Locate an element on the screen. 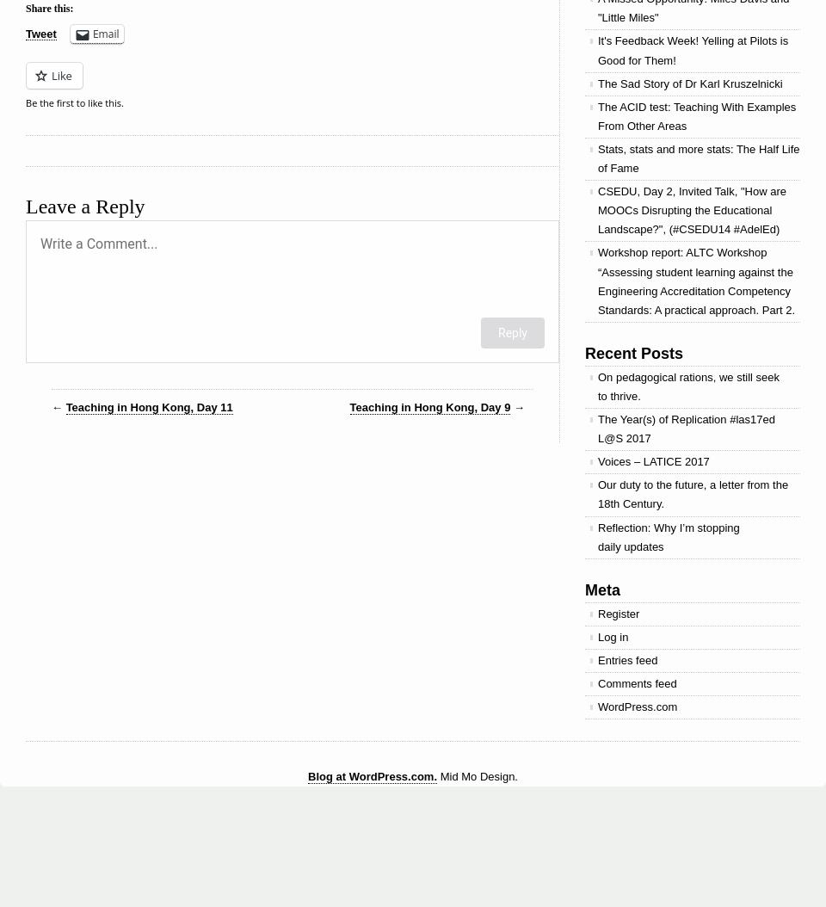 This screenshot has width=826, height=907. 'WordPress.com' is located at coordinates (637, 706).